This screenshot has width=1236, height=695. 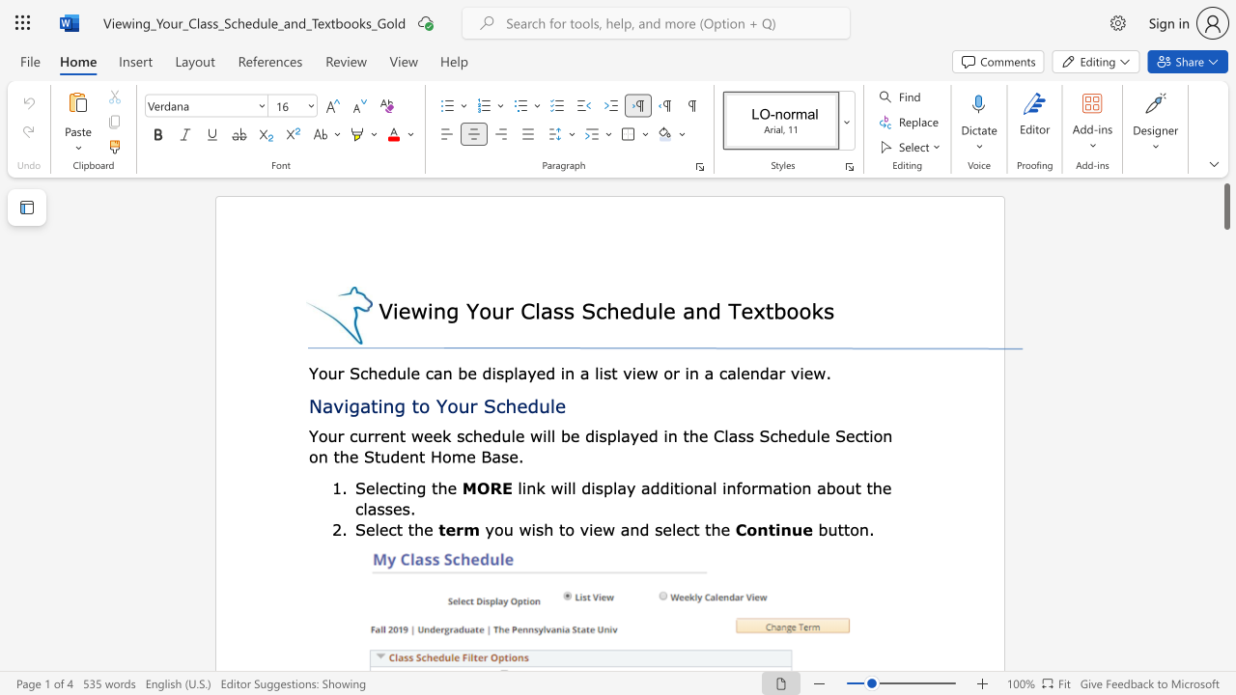 I want to click on the scrollbar to move the view down, so click(x=1225, y=647).